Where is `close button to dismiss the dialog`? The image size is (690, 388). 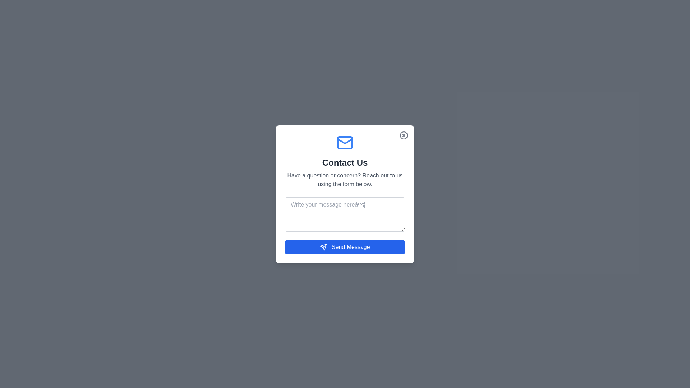 close button to dismiss the dialog is located at coordinates (404, 135).